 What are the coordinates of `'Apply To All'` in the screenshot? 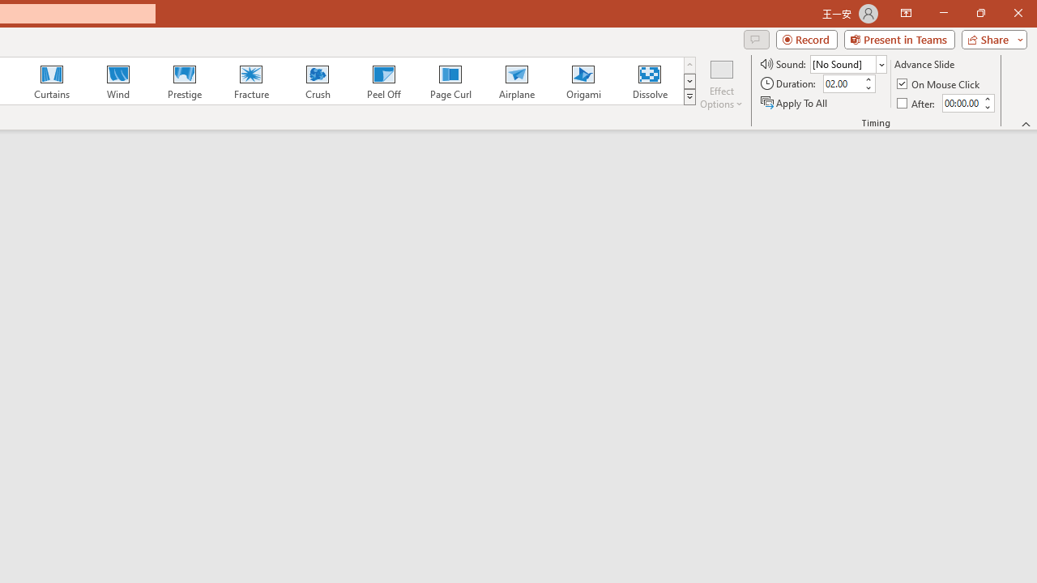 It's located at (795, 103).